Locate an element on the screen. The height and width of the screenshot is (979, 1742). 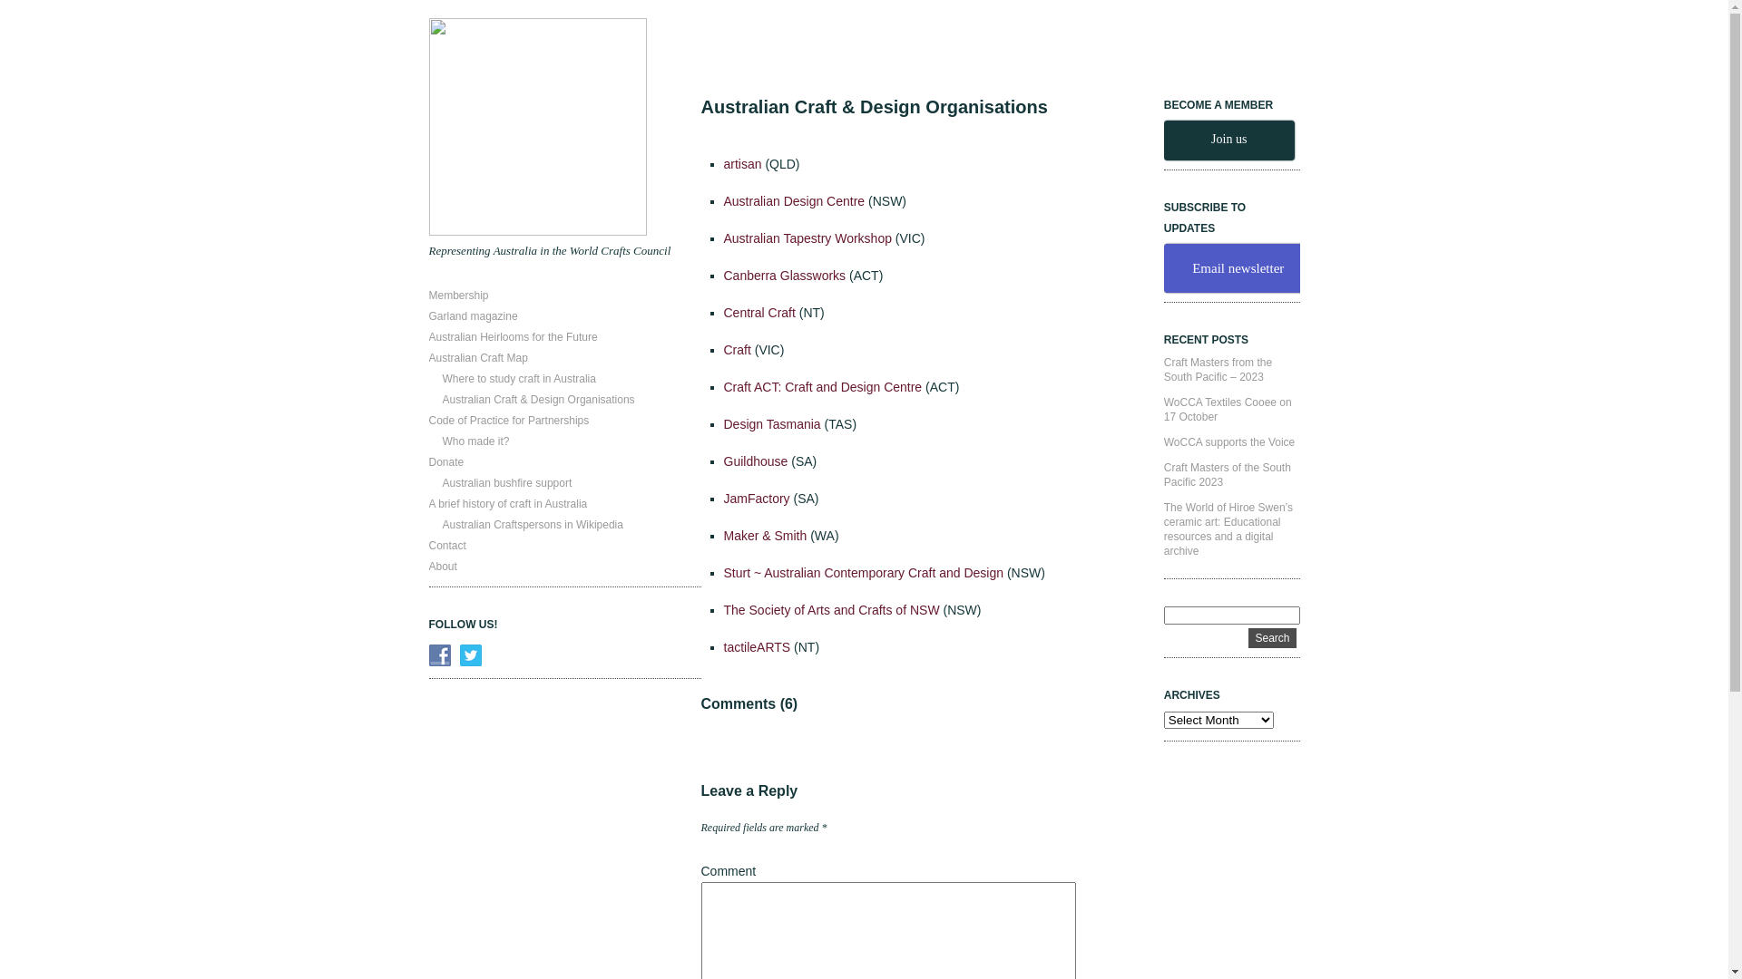
'Craft ACT: Craft and Design Centre' is located at coordinates (822, 386).